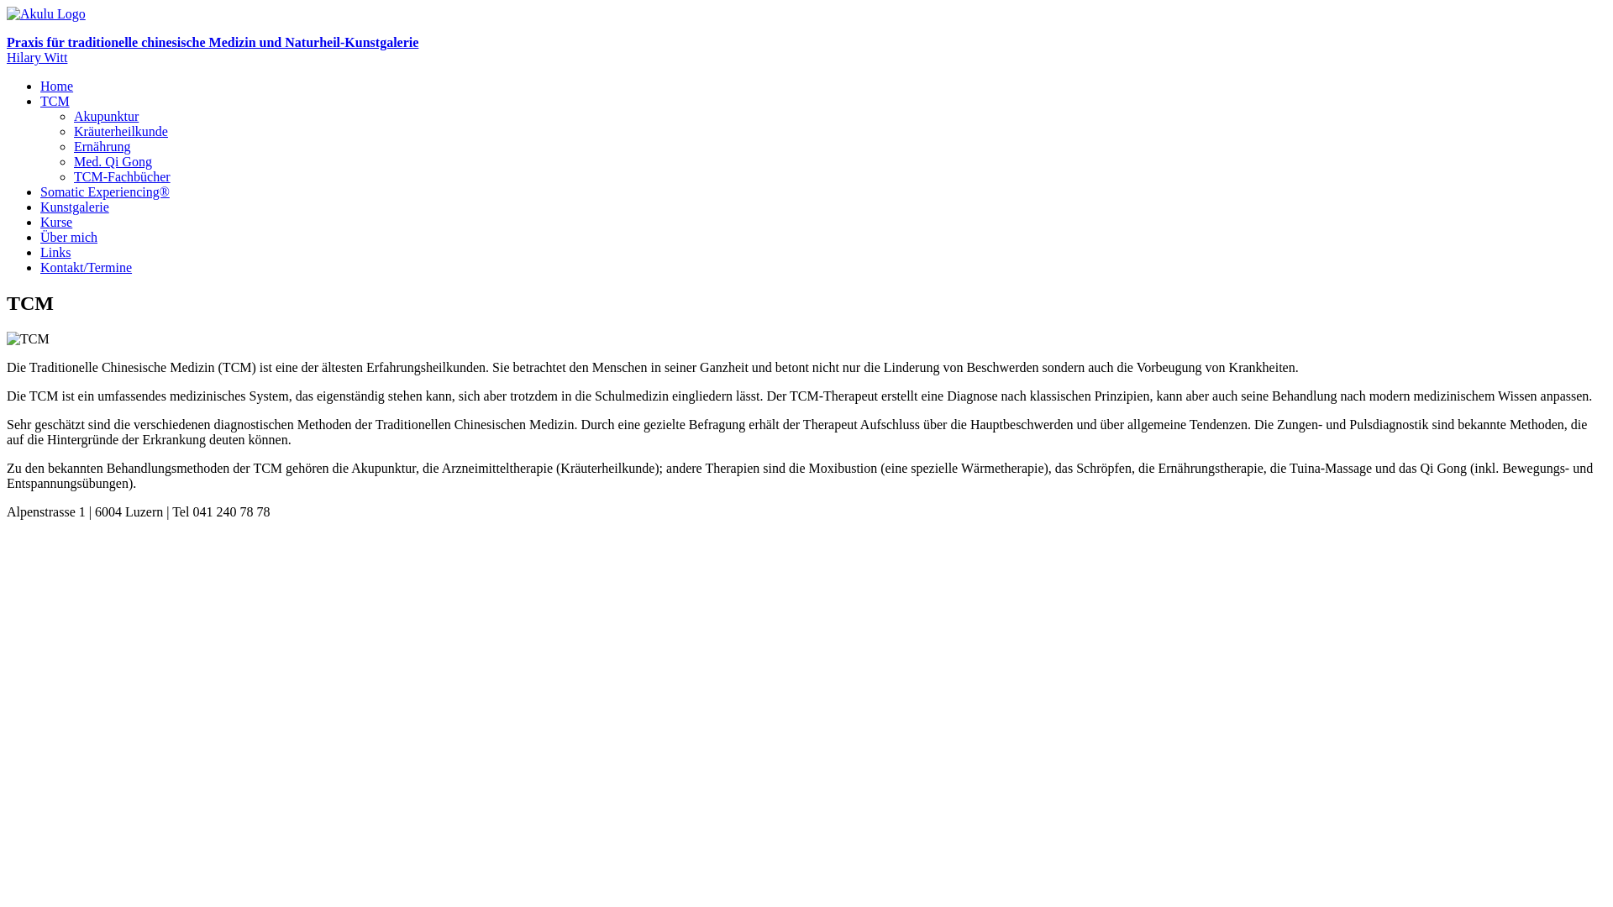  Describe the element at coordinates (55, 252) in the screenshot. I see `'Links'` at that location.